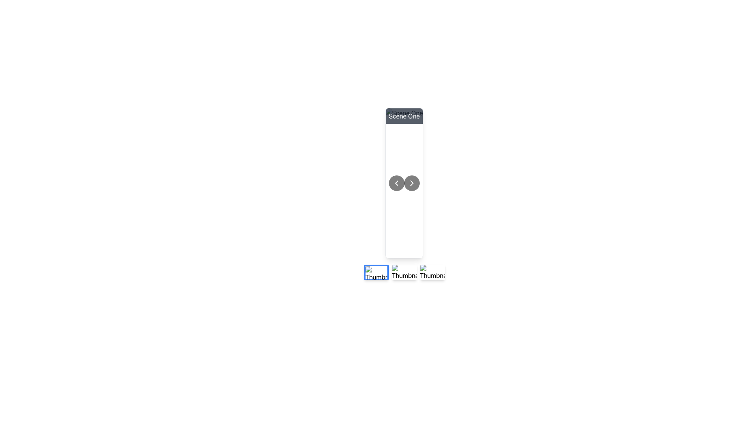 The width and height of the screenshot is (749, 421). What do you see at coordinates (412, 183) in the screenshot?
I see `the circular button with a grey background and a white chevron pointing to the right, located in the card labeled 'Scene One'` at bounding box center [412, 183].